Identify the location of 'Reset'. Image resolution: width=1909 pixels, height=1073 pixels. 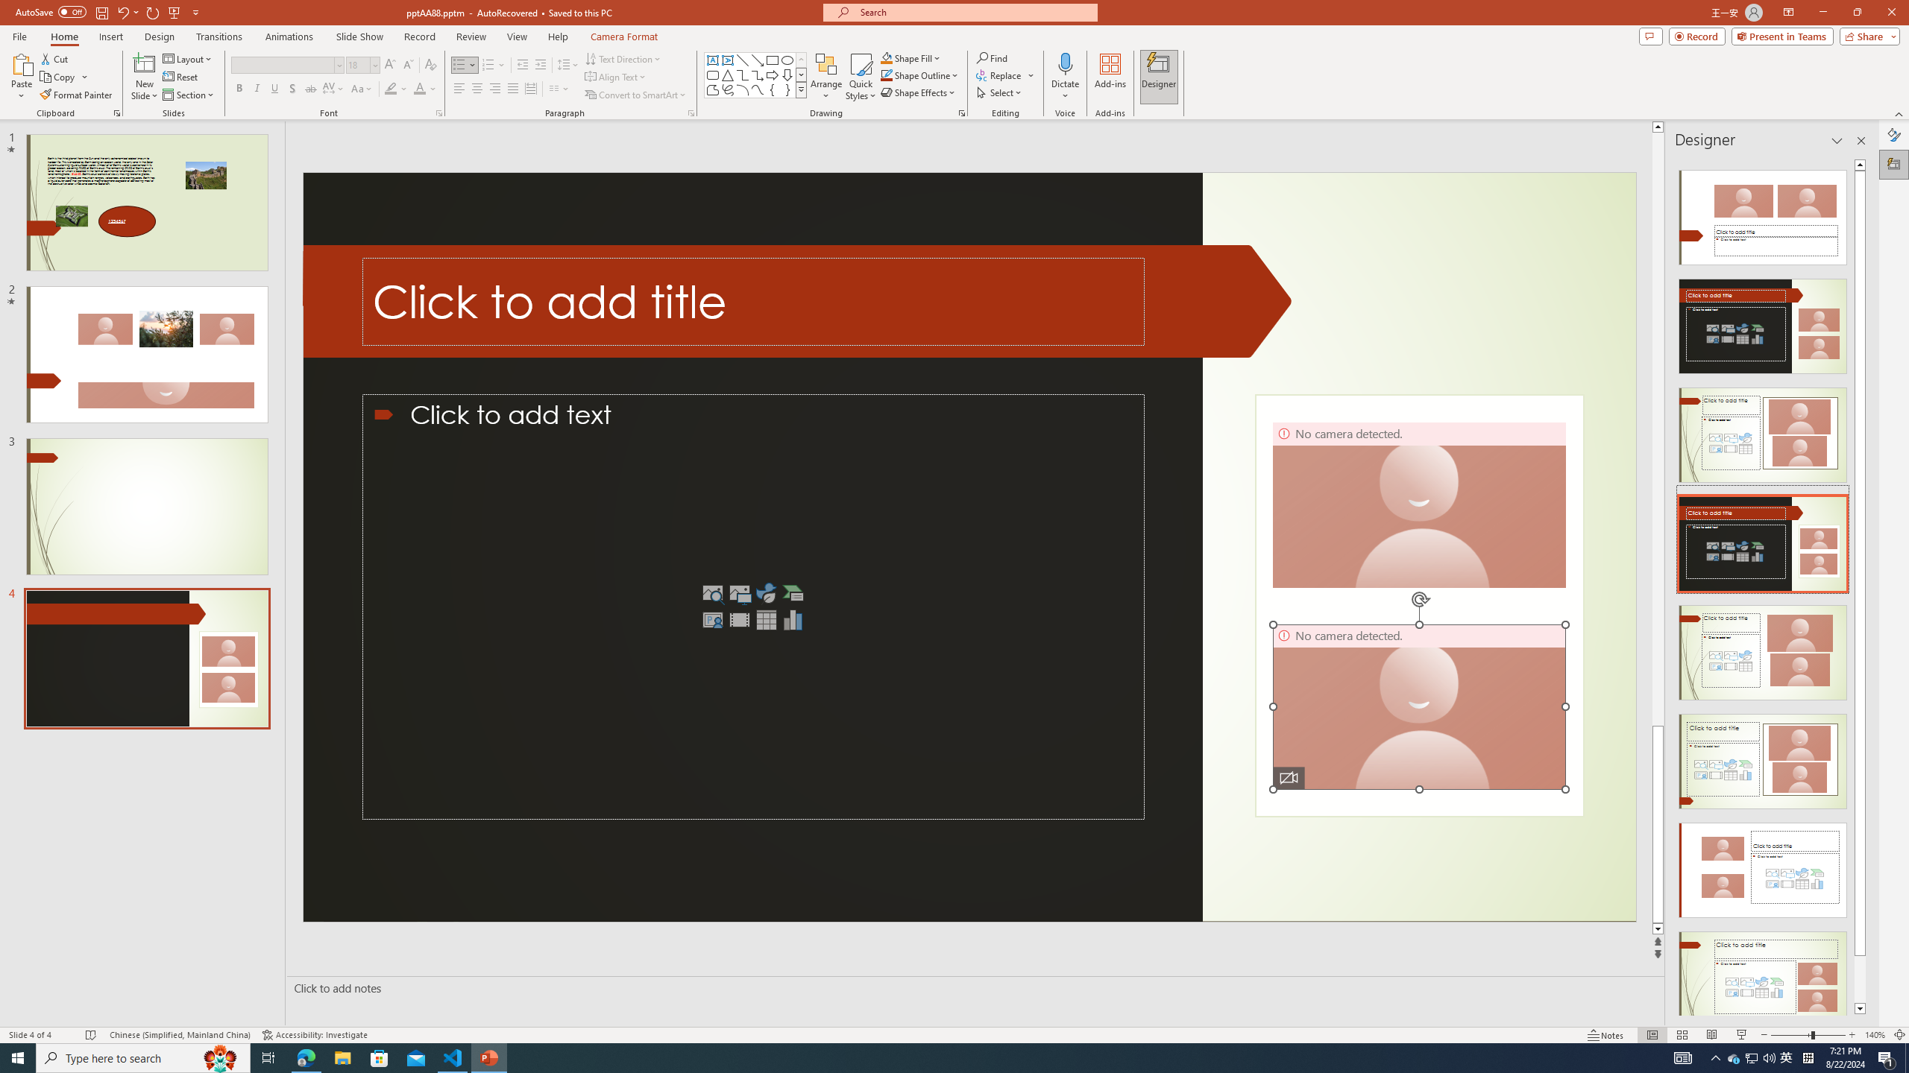
(180, 77).